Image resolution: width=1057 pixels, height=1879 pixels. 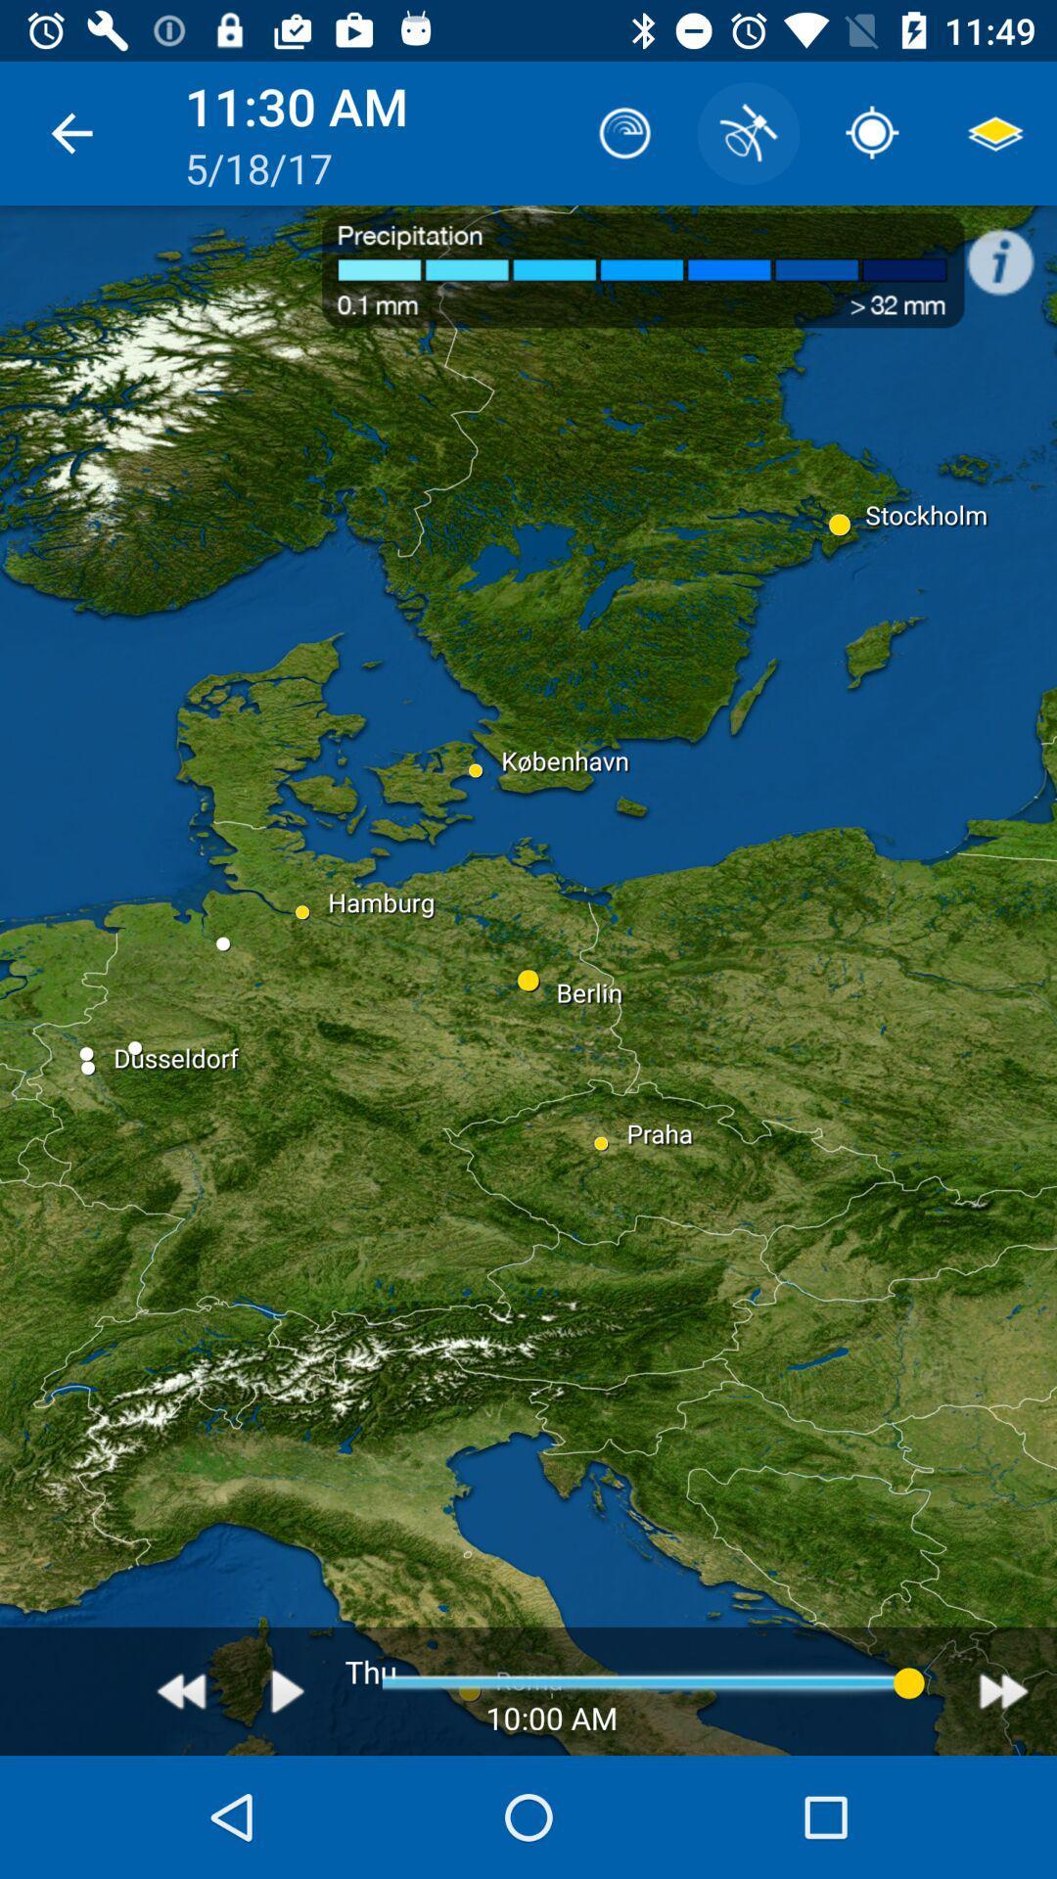 What do you see at coordinates (288, 1690) in the screenshot?
I see `the play icon` at bounding box center [288, 1690].